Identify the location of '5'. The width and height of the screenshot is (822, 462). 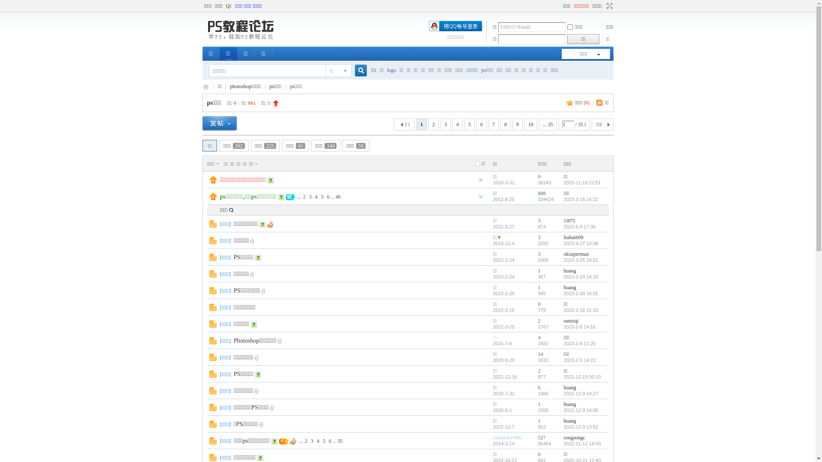
(324, 441).